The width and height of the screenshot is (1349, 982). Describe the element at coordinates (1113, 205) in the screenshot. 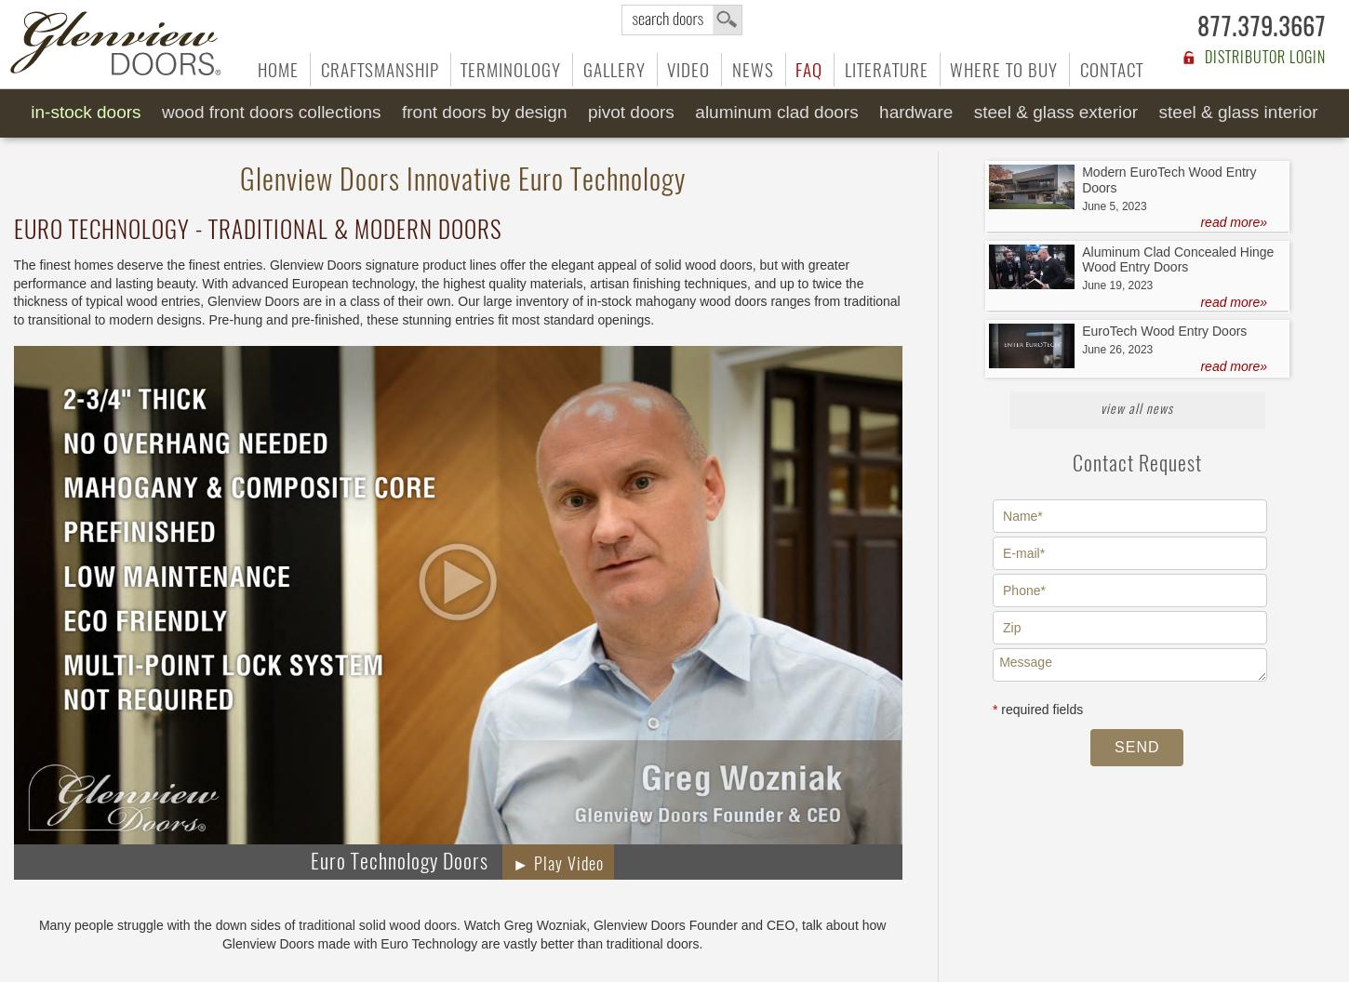

I see `'June 5, 2023'` at that location.